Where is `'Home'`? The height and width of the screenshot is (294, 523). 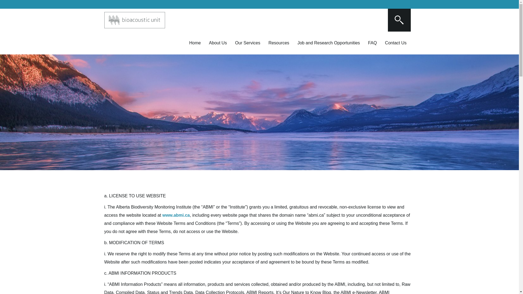 'Home' is located at coordinates (195, 43).